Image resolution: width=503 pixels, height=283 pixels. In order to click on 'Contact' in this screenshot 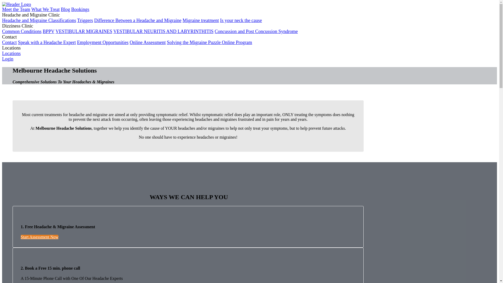, I will do `click(9, 37)`.